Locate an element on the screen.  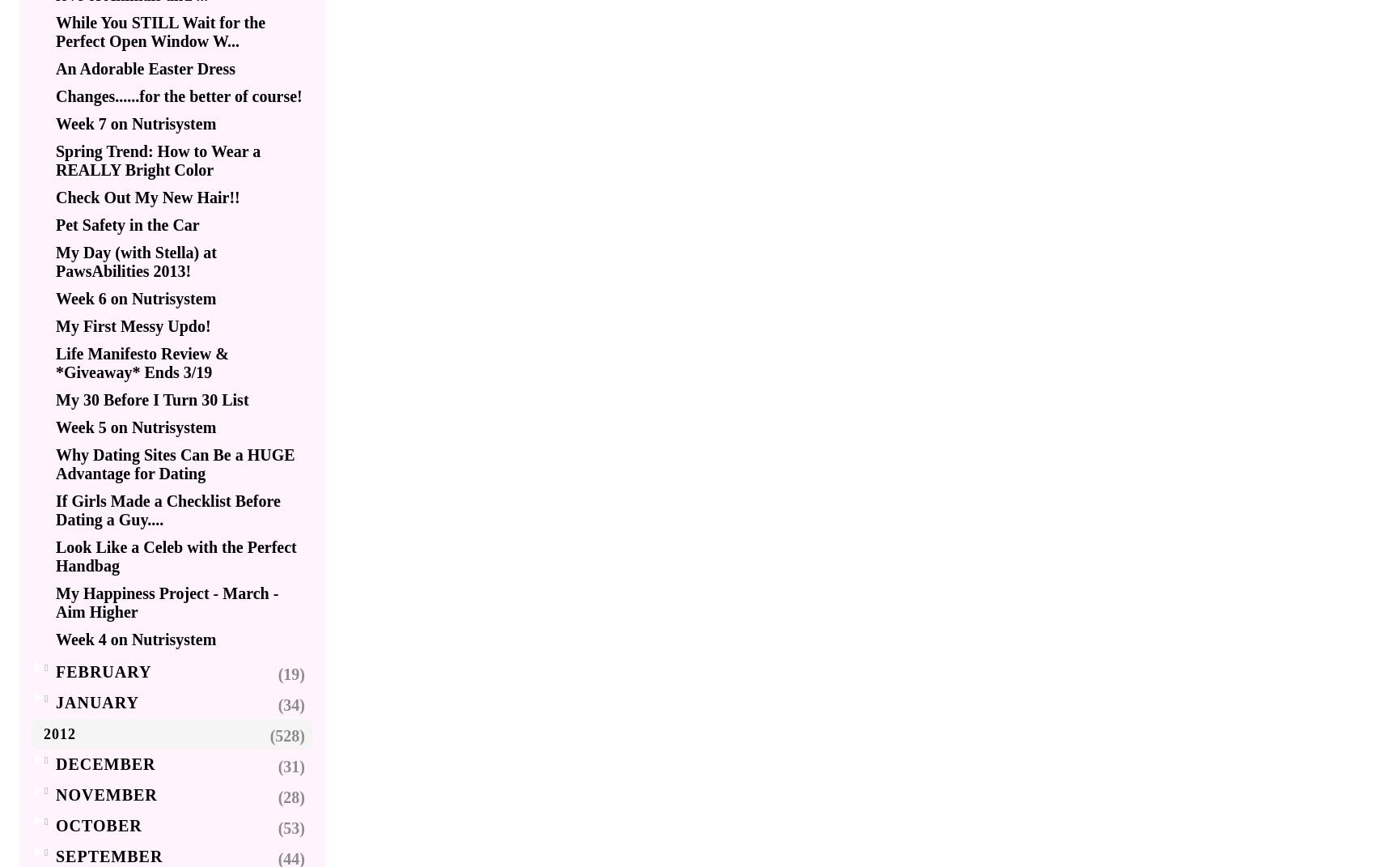
'December' is located at coordinates (105, 763).